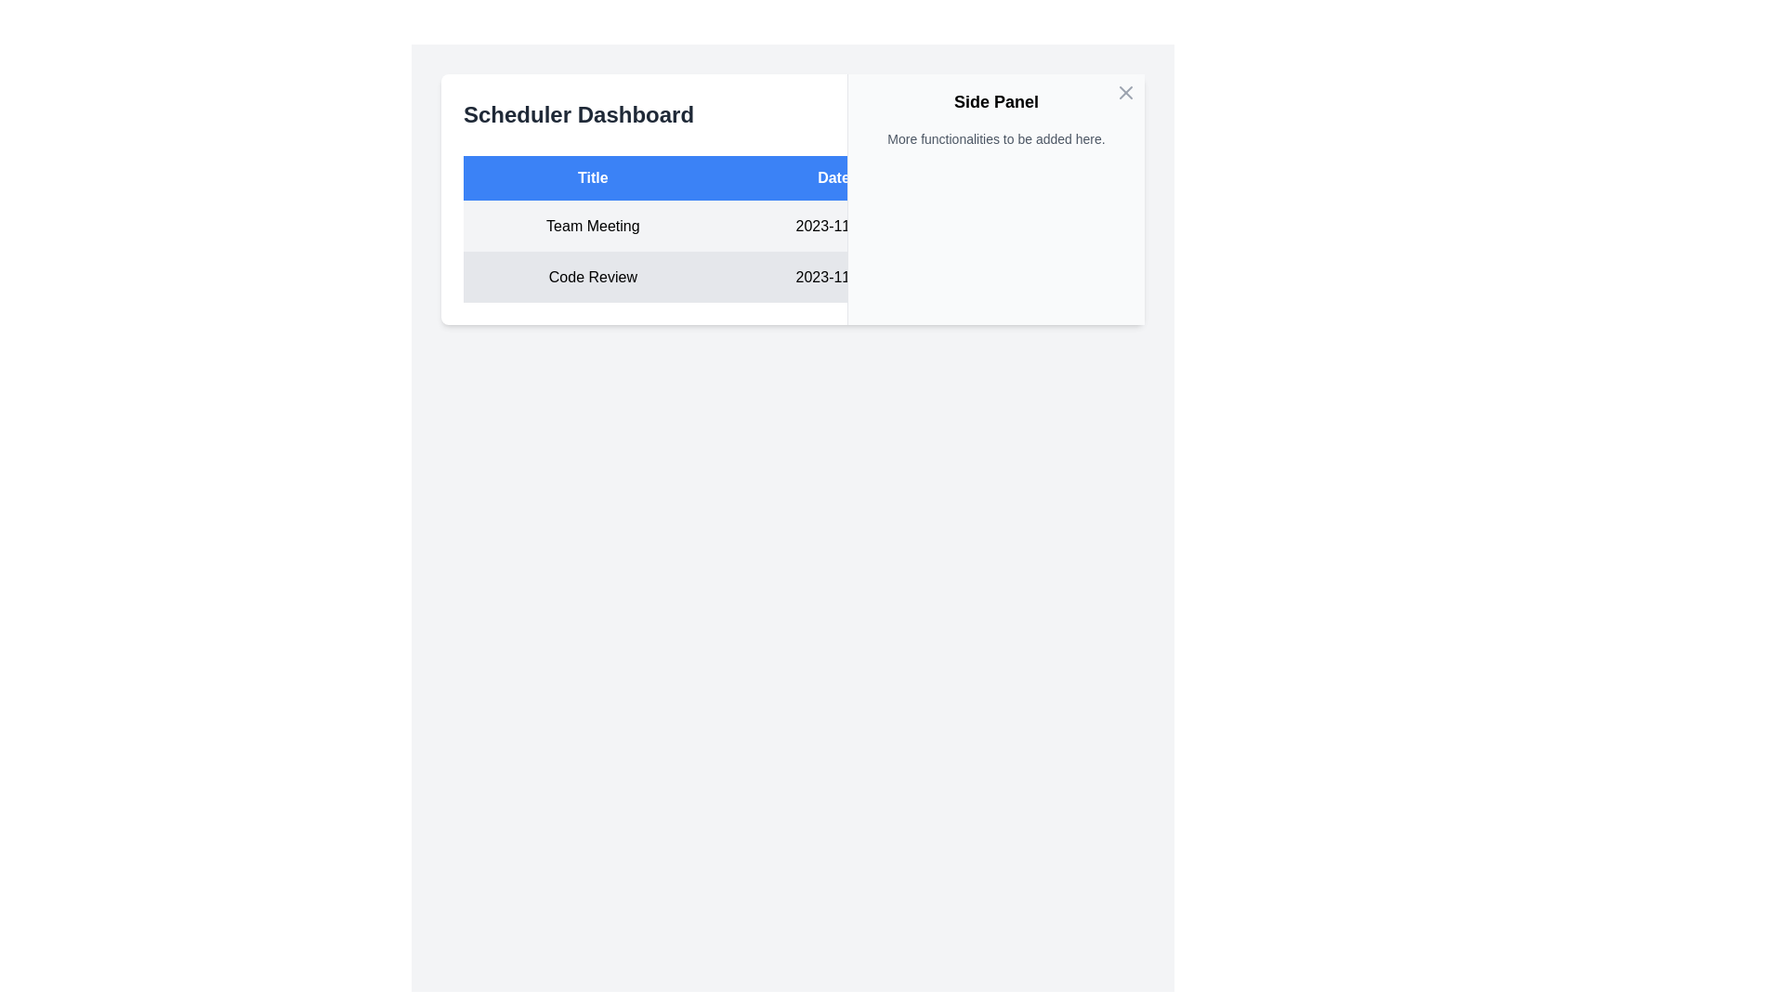 The height and width of the screenshot is (1003, 1784). What do you see at coordinates (793, 225) in the screenshot?
I see `the first table row` at bounding box center [793, 225].